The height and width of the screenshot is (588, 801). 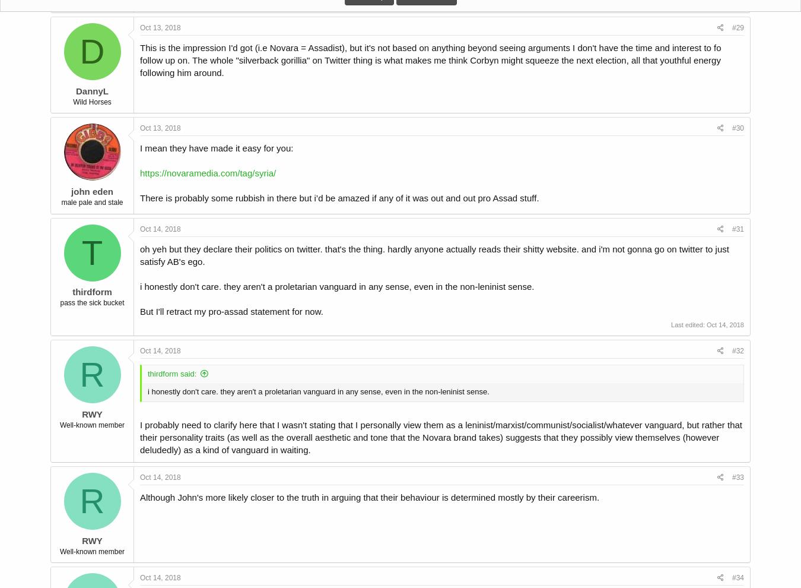 I want to click on 'This is the impression I'd got (i.e Novara = Assadist), but it's not based on anything beyond seeing arguments I don't have the time and interest to fo follow up on. The whole "silverback gorillia" on Twitter thing is what makes me think Corbyn might squeeze the next election, all that youthful energy following him around.', so click(x=430, y=59).